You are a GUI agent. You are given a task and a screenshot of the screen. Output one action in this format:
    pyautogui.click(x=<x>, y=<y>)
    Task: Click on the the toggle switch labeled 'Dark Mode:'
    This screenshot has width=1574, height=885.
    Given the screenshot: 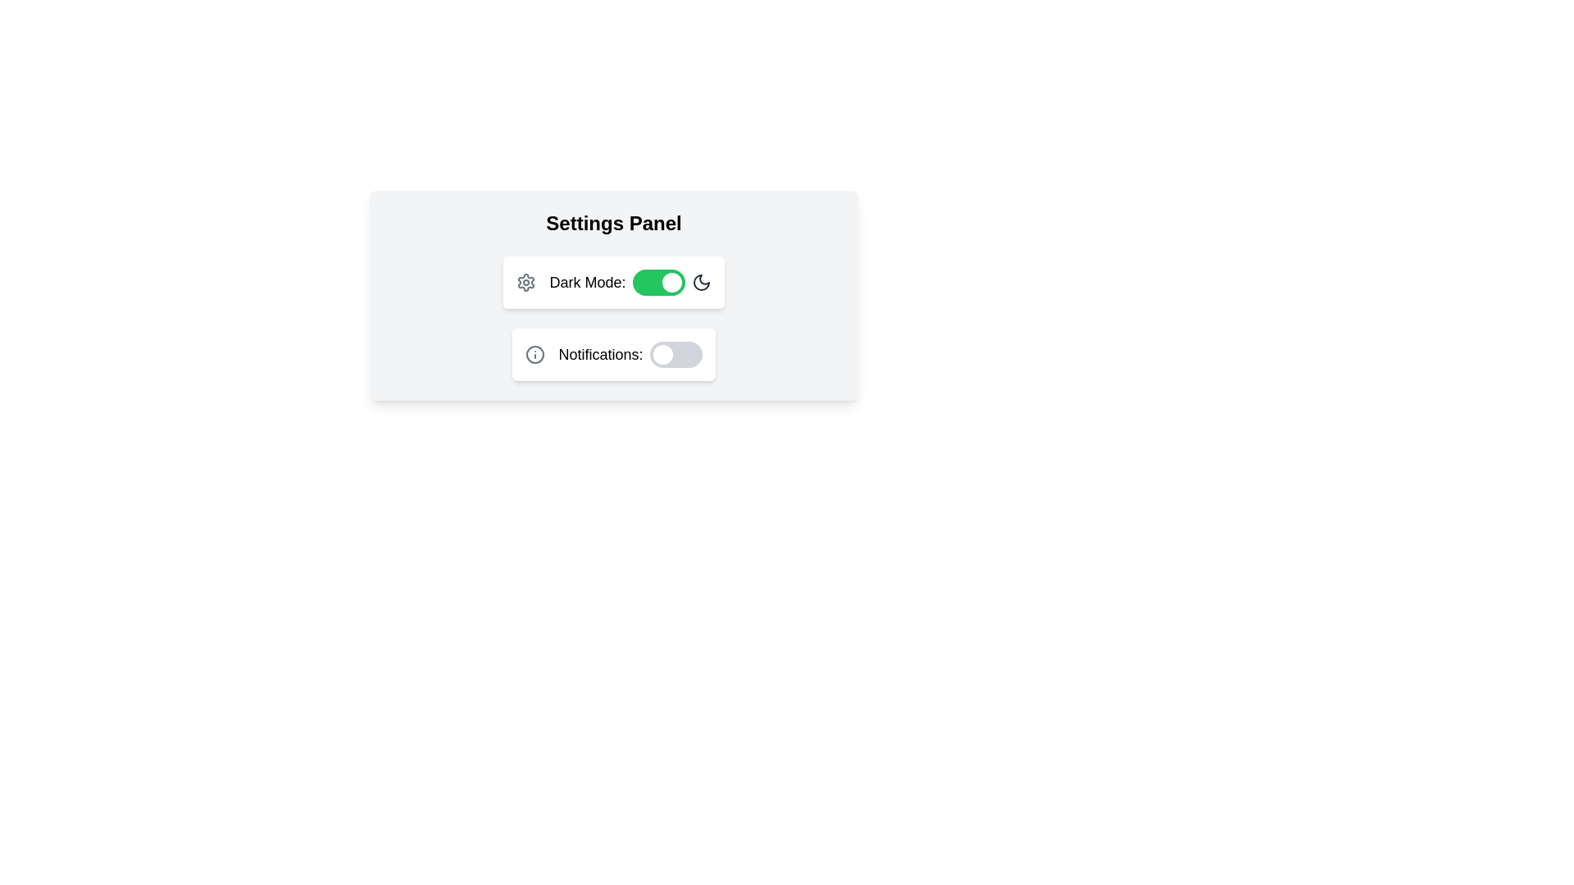 What is the action you would take?
    pyautogui.click(x=629, y=281)
    